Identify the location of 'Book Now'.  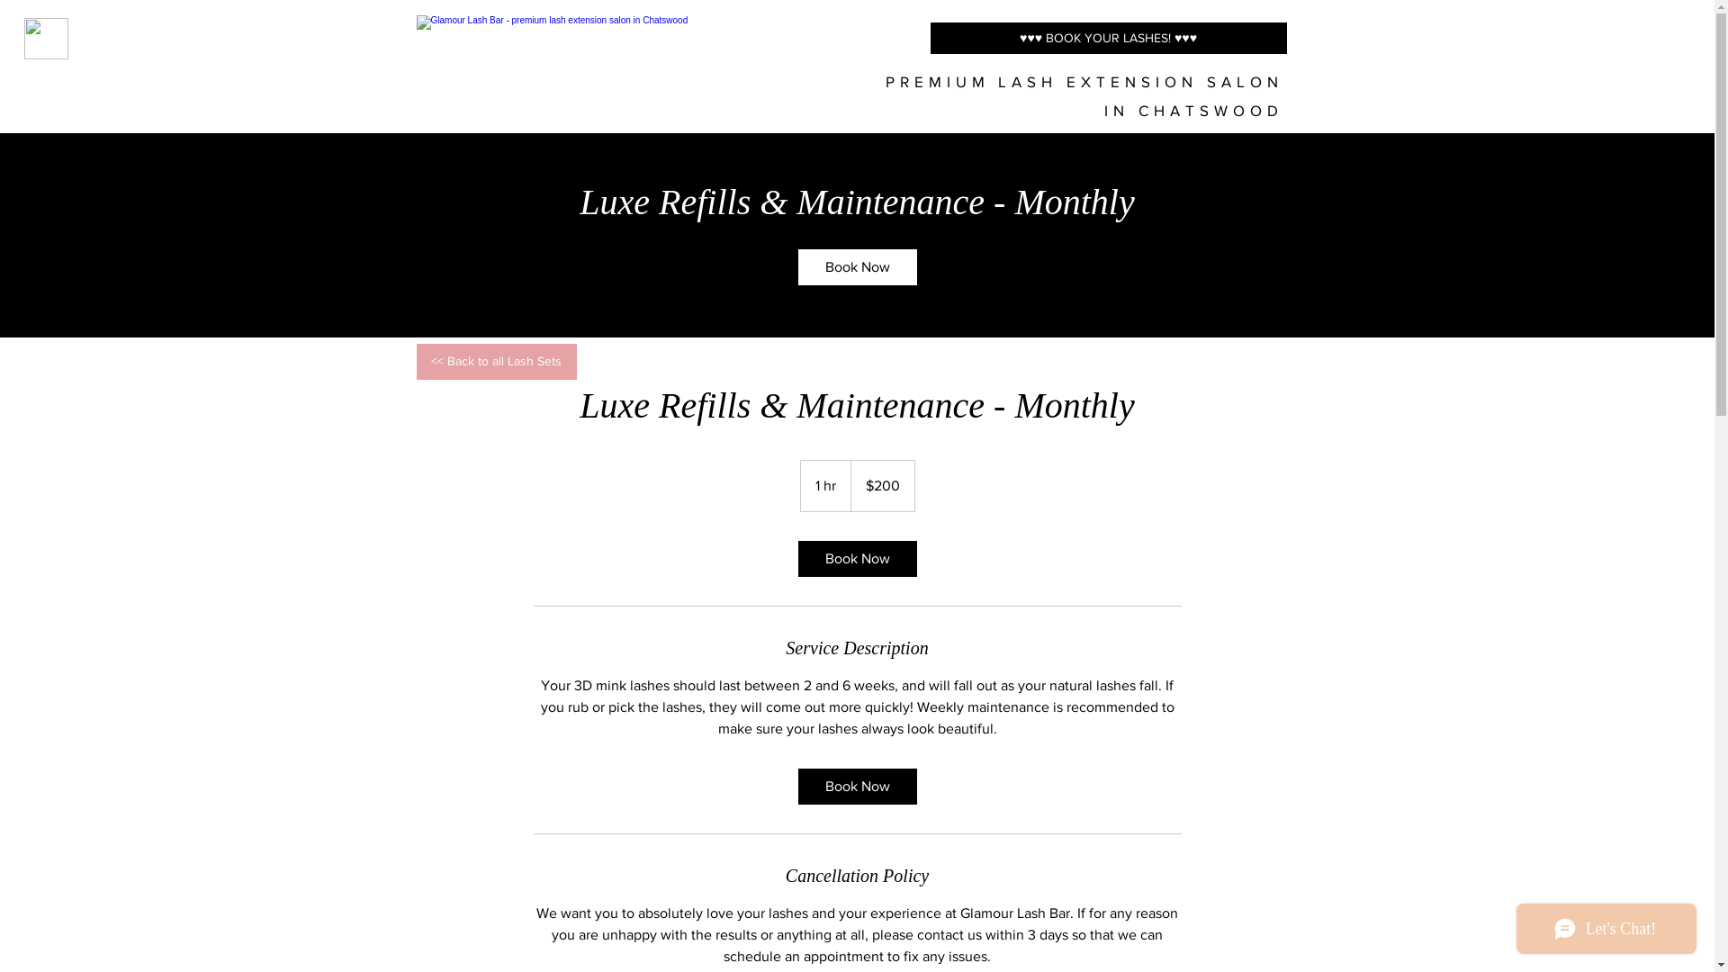
(855, 558).